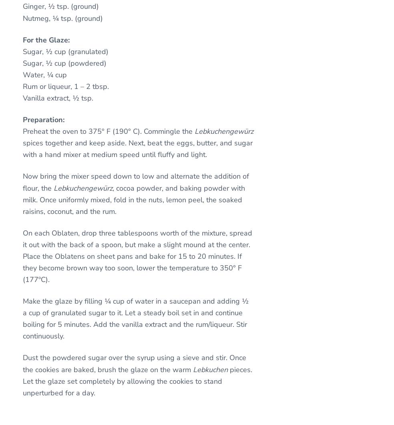 Image resolution: width=394 pixels, height=425 pixels. Describe the element at coordinates (63, 18) in the screenshot. I see `'Nutmeg, ¼ tsp. (ground)'` at that location.